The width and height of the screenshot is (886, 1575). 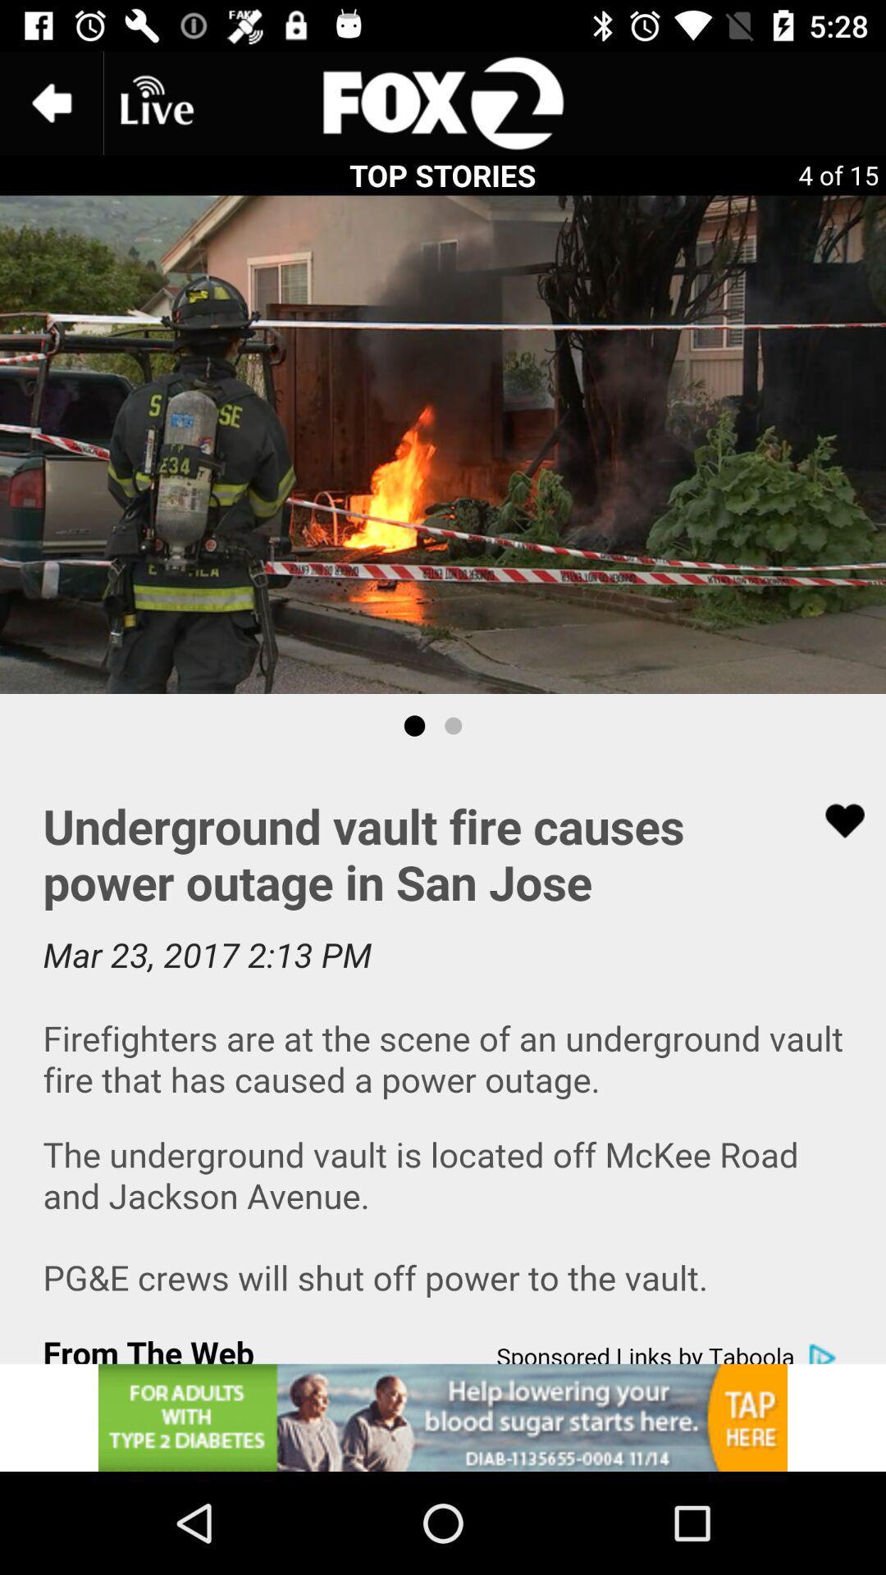 I want to click on like the add, so click(x=834, y=820).